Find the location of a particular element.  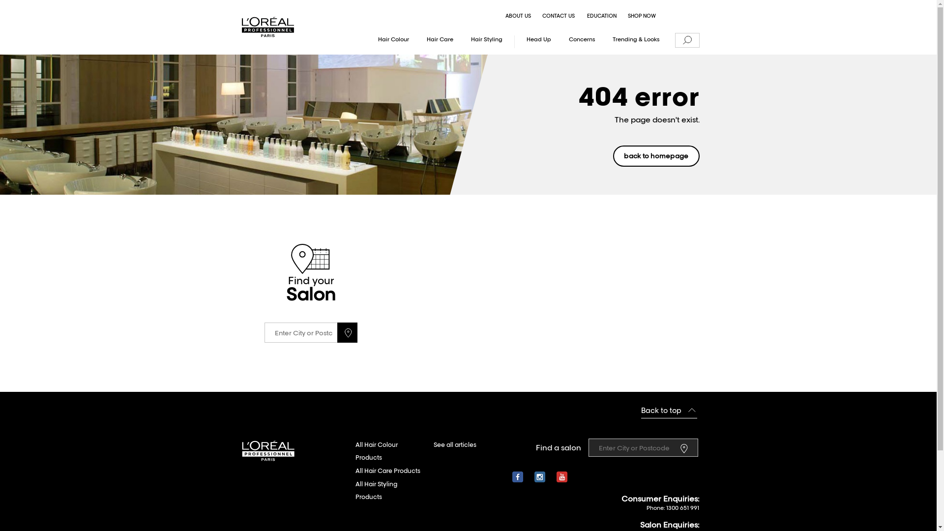

'ABOUT US' is located at coordinates (518, 17).